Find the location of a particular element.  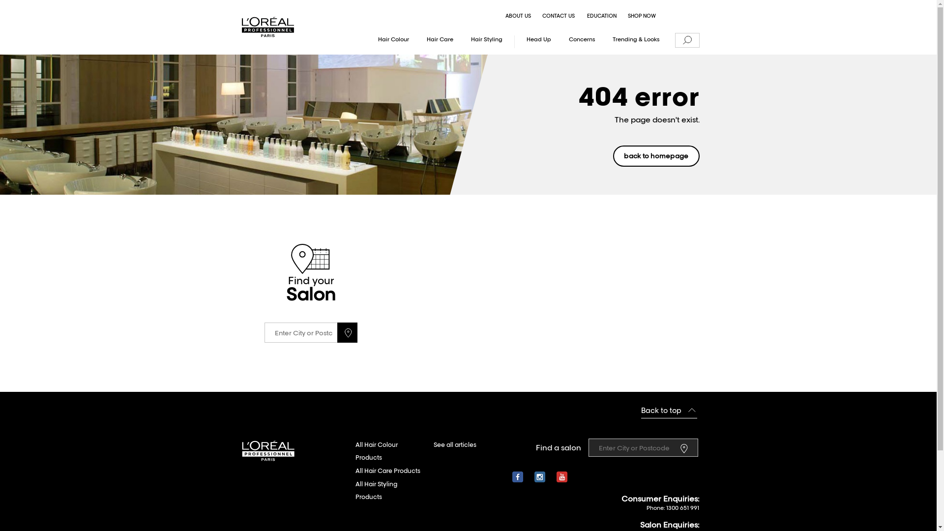

'ABOUT US' is located at coordinates (518, 17).